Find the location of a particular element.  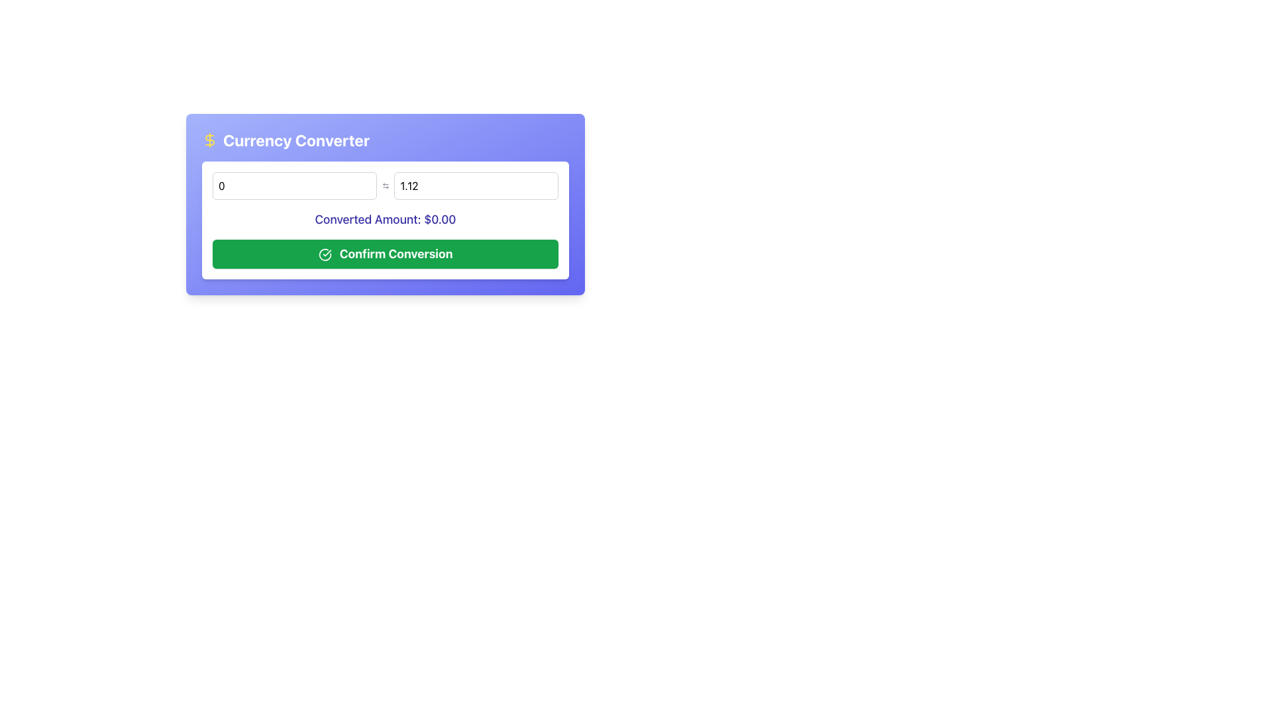

the confirm button for currency conversion located at the bottom of the white panel, beneath the text 'Converted Amount: $0.00' is located at coordinates (384, 254).